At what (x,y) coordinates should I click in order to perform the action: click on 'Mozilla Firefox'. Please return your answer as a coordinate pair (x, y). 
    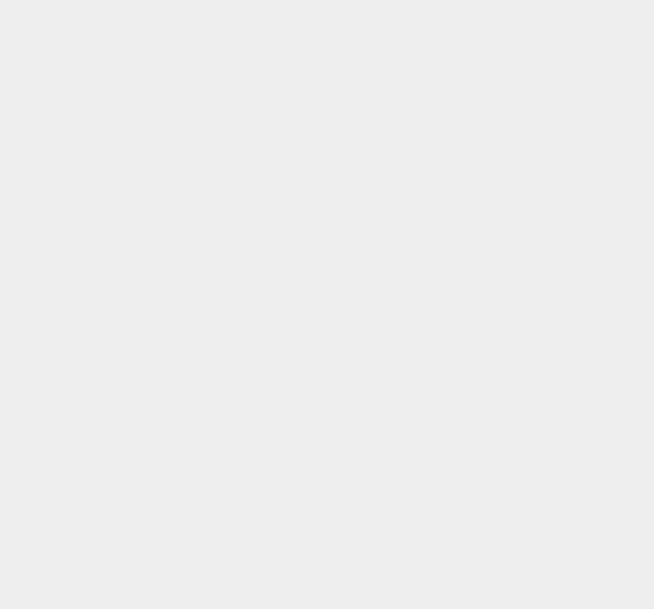
    Looking at the image, I should click on (487, 450).